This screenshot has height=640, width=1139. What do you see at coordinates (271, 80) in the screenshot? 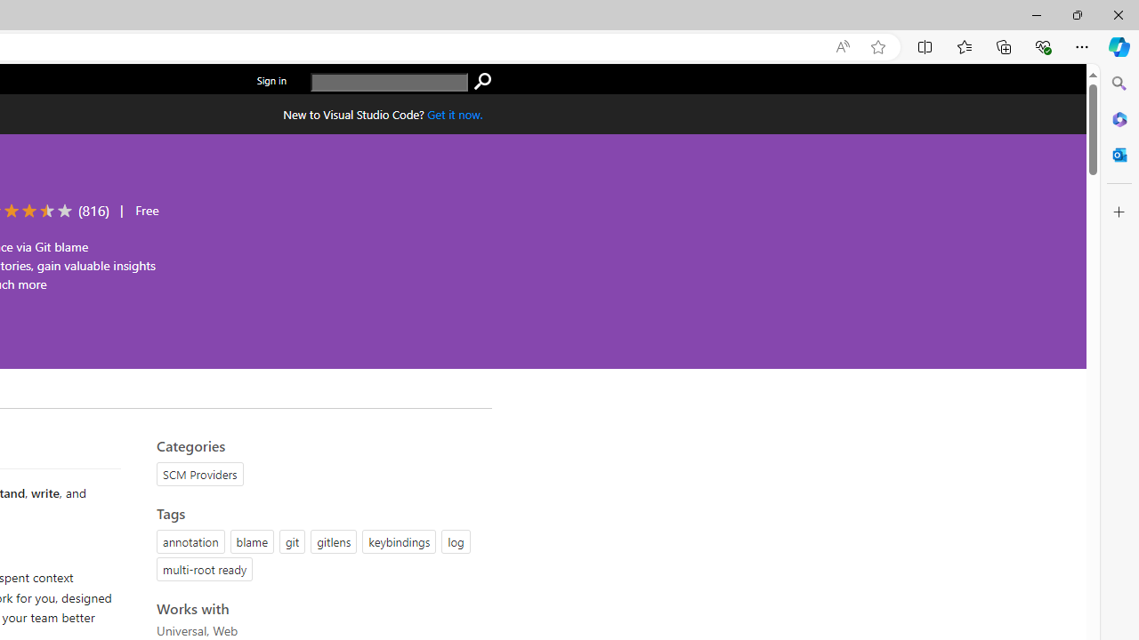
I see `'Sign in'` at bounding box center [271, 80].